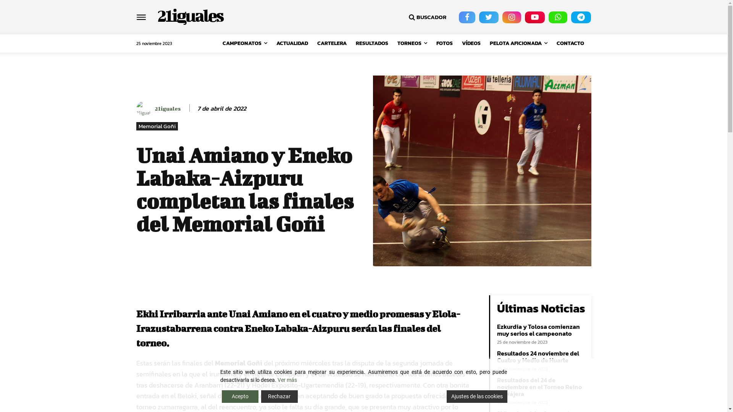 The width and height of the screenshot is (733, 412). What do you see at coordinates (447, 396) in the screenshot?
I see `'Ajustes de las cookies'` at bounding box center [447, 396].